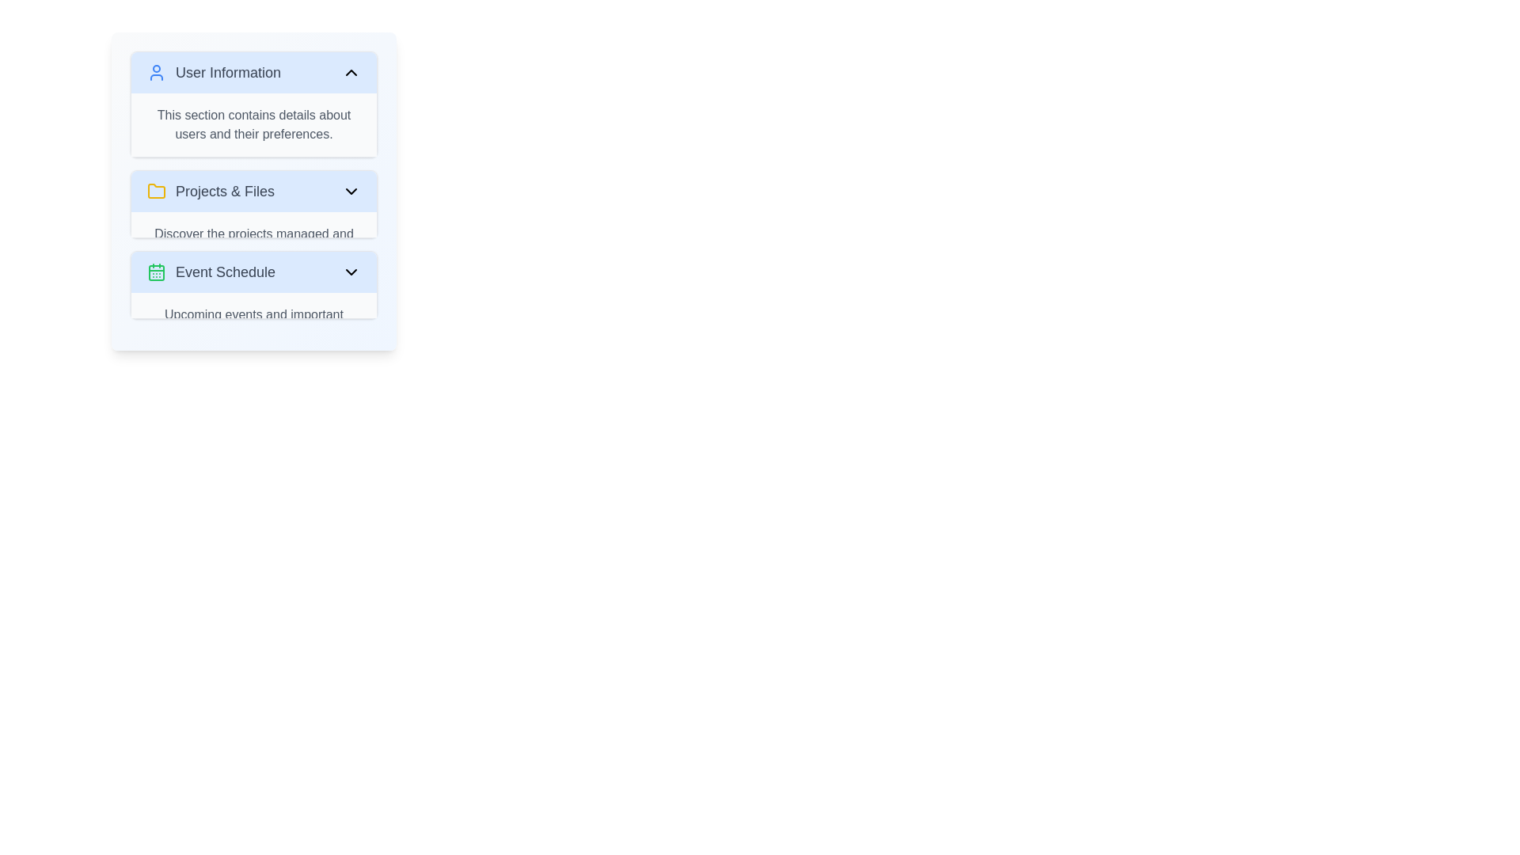 This screenshot has width=1520, height=855. Describe the element at coordinates (254, 271) in the screenshot. I see `the 'Event Schedule' button, which features a calendar icon on the left and a chevron icon on the right, with a light blue background and rounded corners` at that location.